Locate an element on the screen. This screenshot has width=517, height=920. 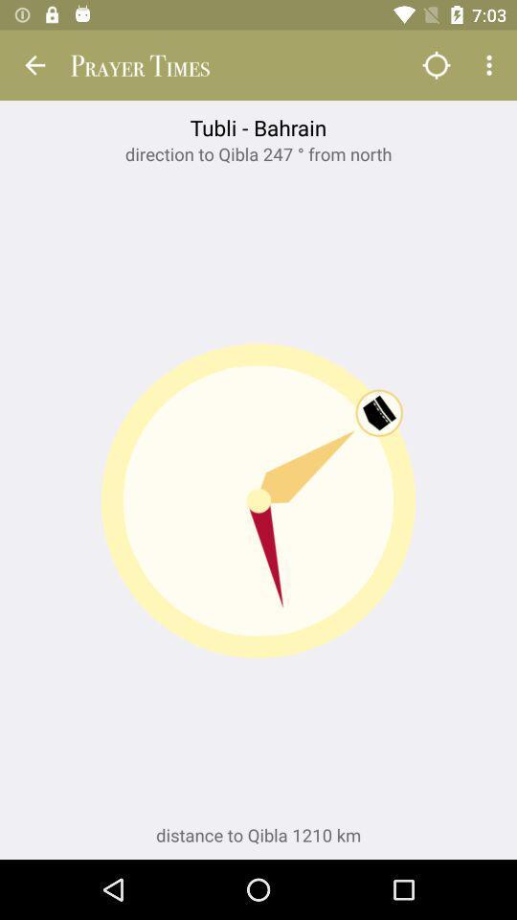
icon above tubli - bahrain icon is located at coordinates (491, 65).